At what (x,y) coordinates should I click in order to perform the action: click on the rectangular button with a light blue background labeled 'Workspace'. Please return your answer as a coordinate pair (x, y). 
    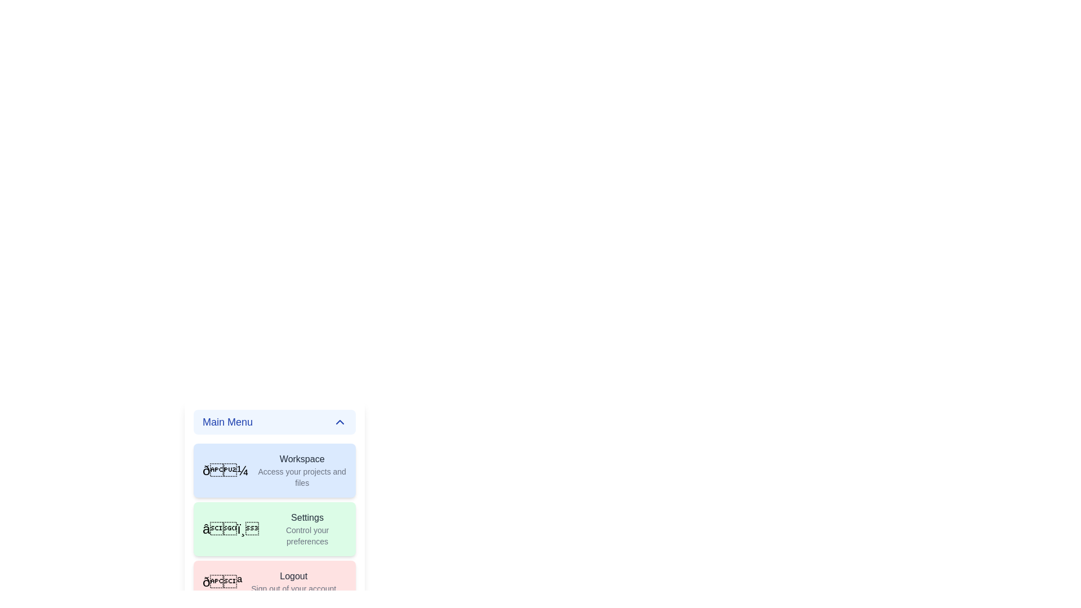
    Looking at the image, I should click on (275, 471).